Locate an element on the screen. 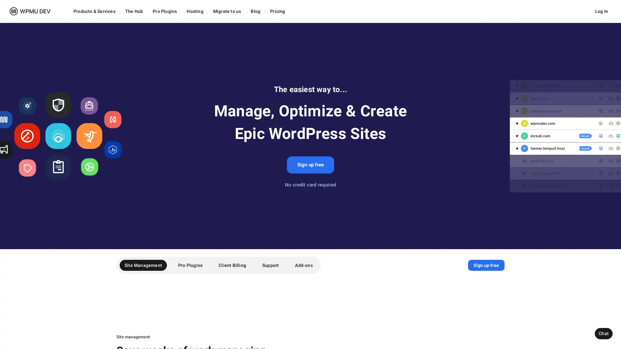 Image resolution: width=621 pixels, height=349 pixels. Sign up free is located at coordinates (310, 164).